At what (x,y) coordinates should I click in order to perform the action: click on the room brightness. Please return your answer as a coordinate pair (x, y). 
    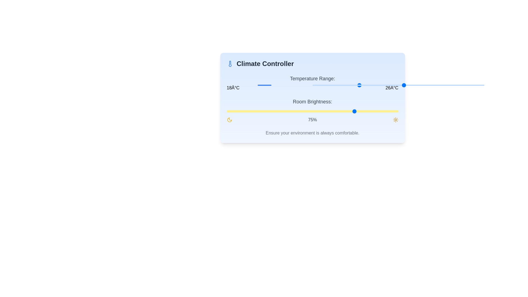
    Looking at the image, I should click on (371, 111).